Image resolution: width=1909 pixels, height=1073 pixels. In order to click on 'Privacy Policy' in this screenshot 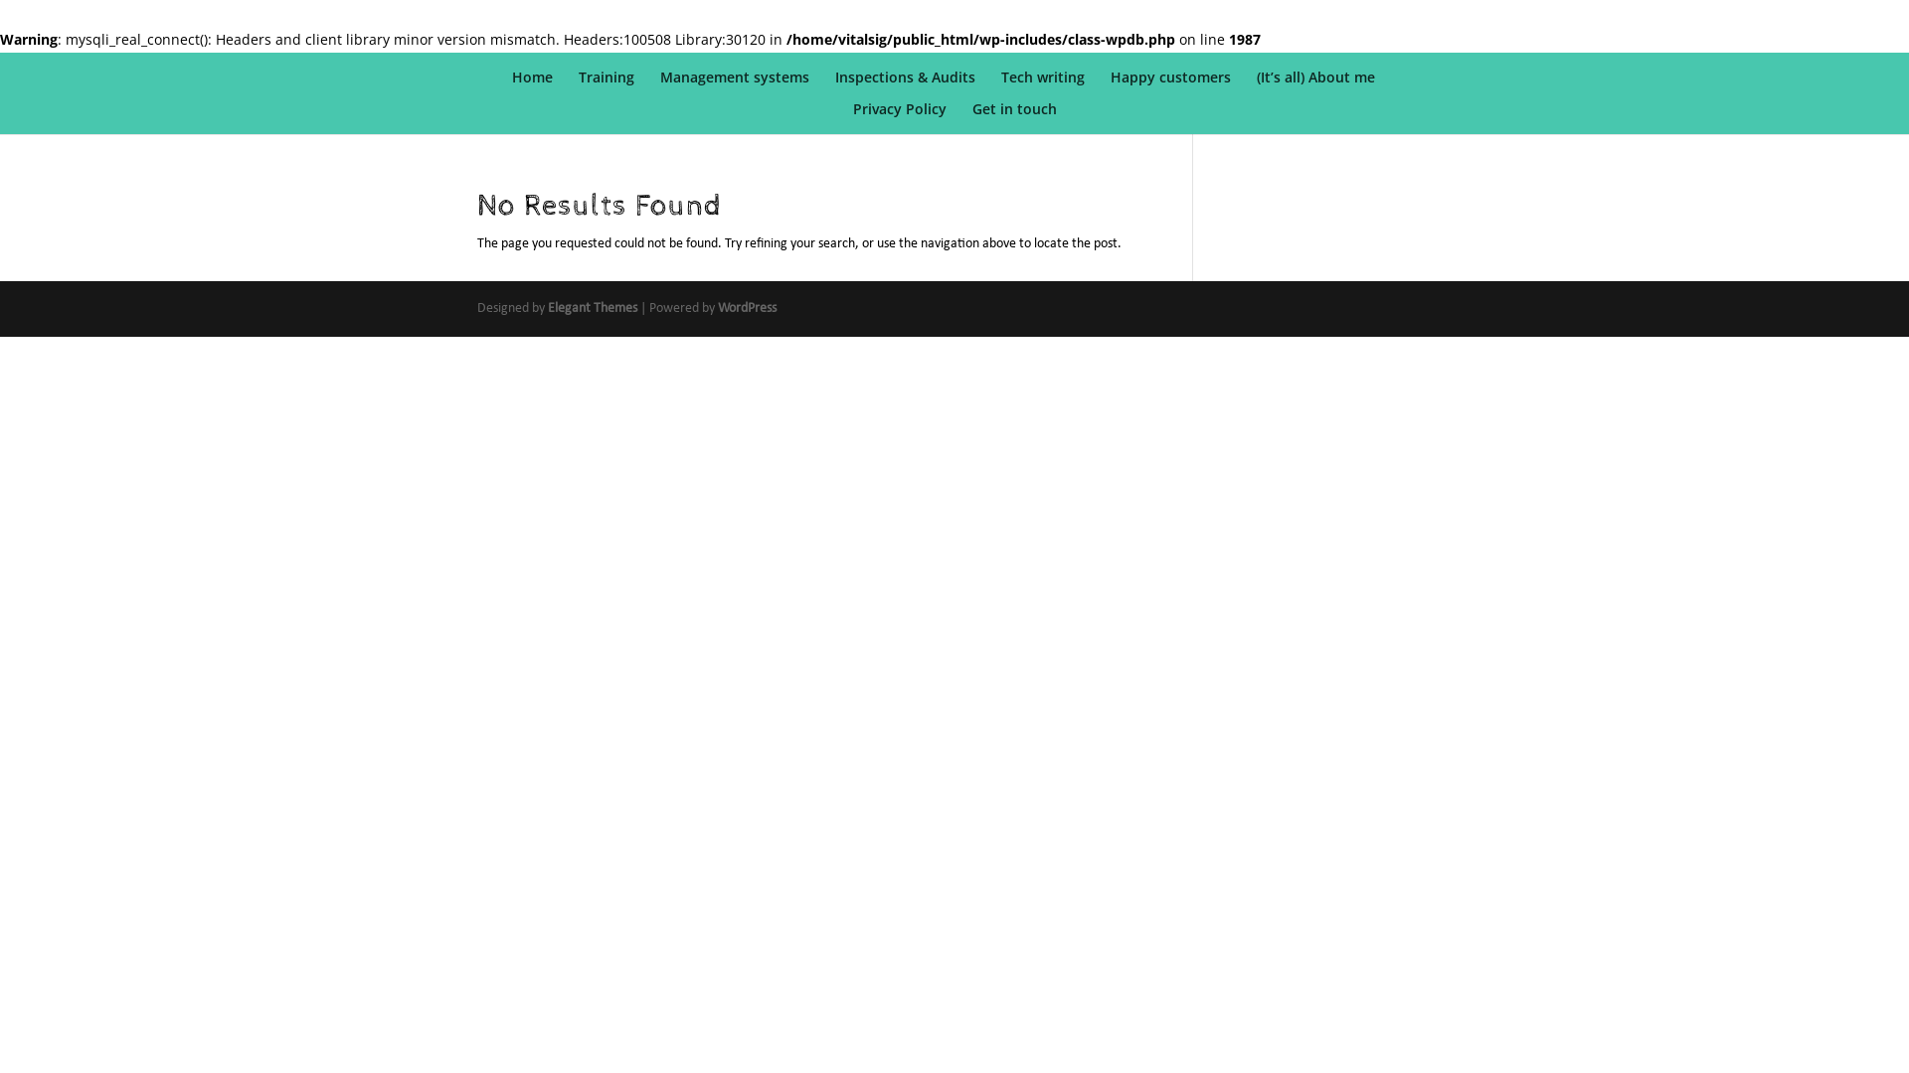, I will do `click(899, 118)`.